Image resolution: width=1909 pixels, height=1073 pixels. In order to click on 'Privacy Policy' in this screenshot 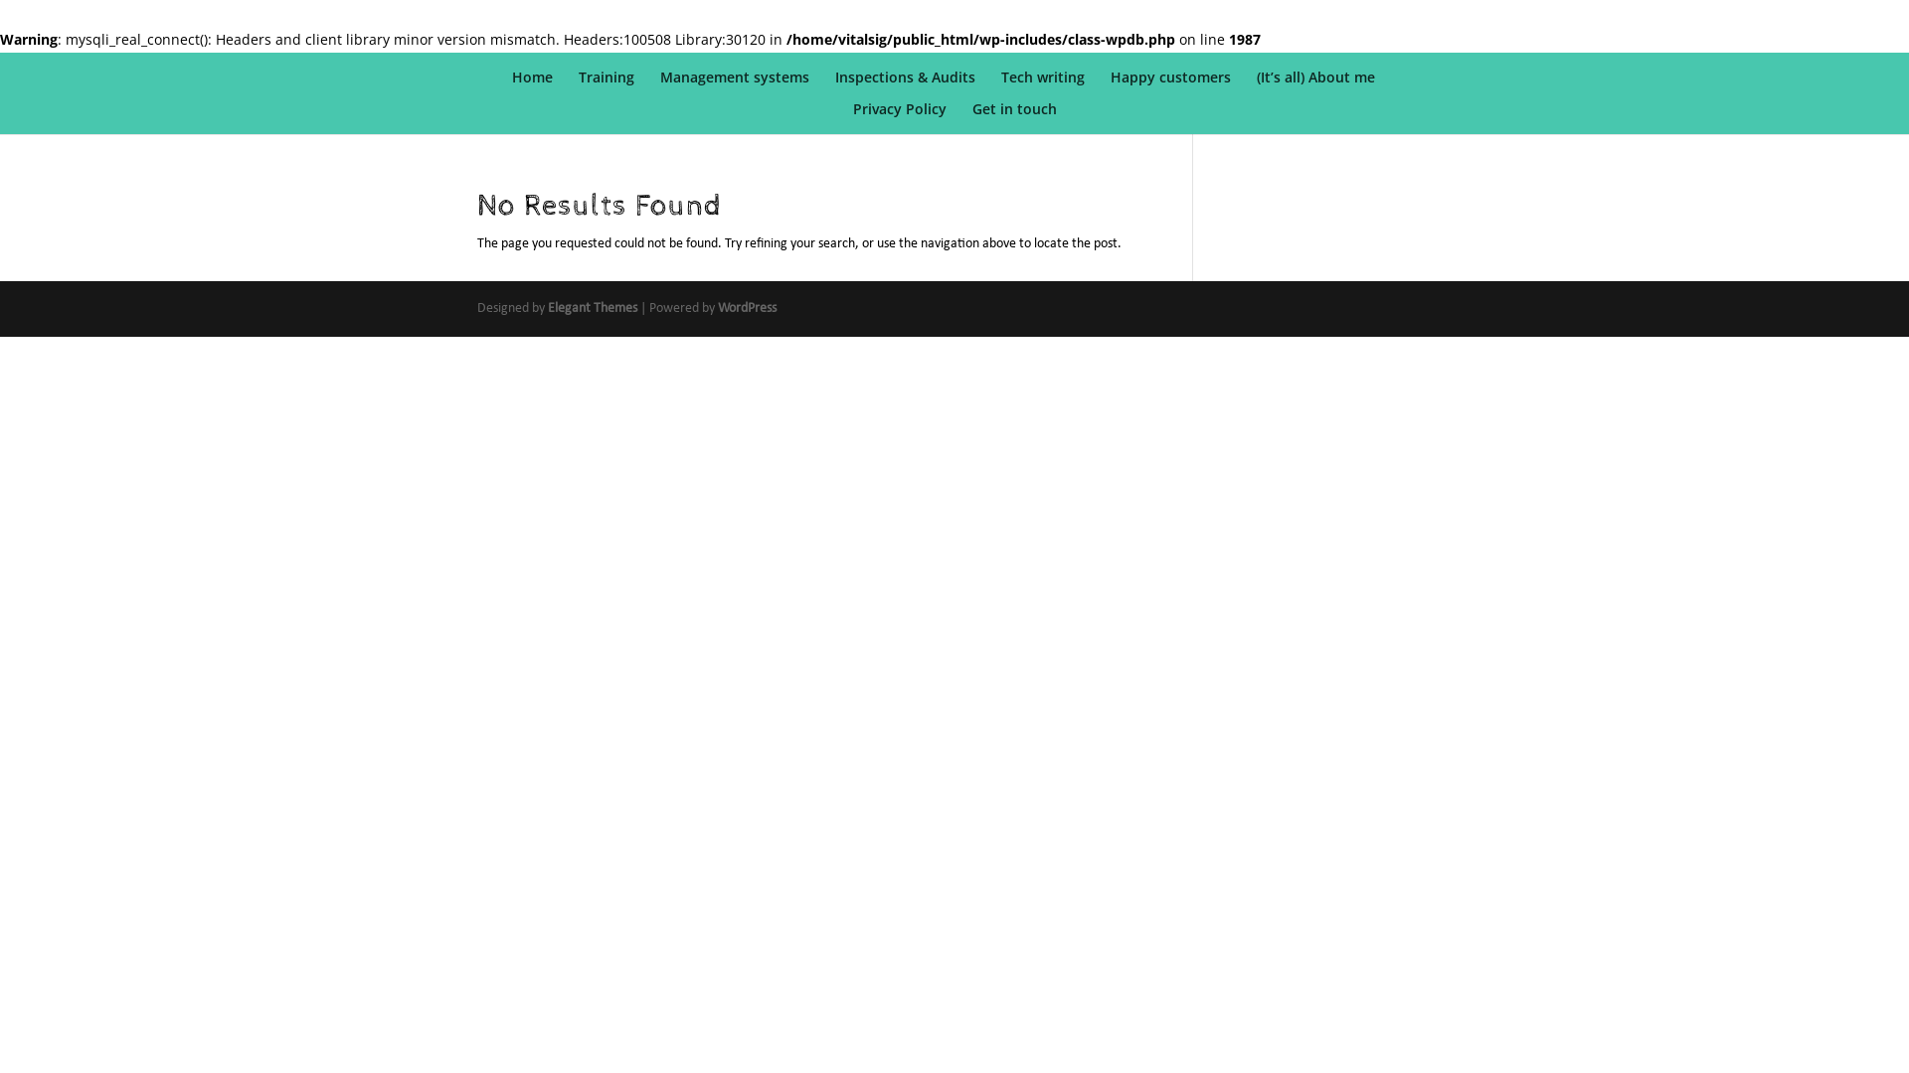, I will do `click(899, 118)`.